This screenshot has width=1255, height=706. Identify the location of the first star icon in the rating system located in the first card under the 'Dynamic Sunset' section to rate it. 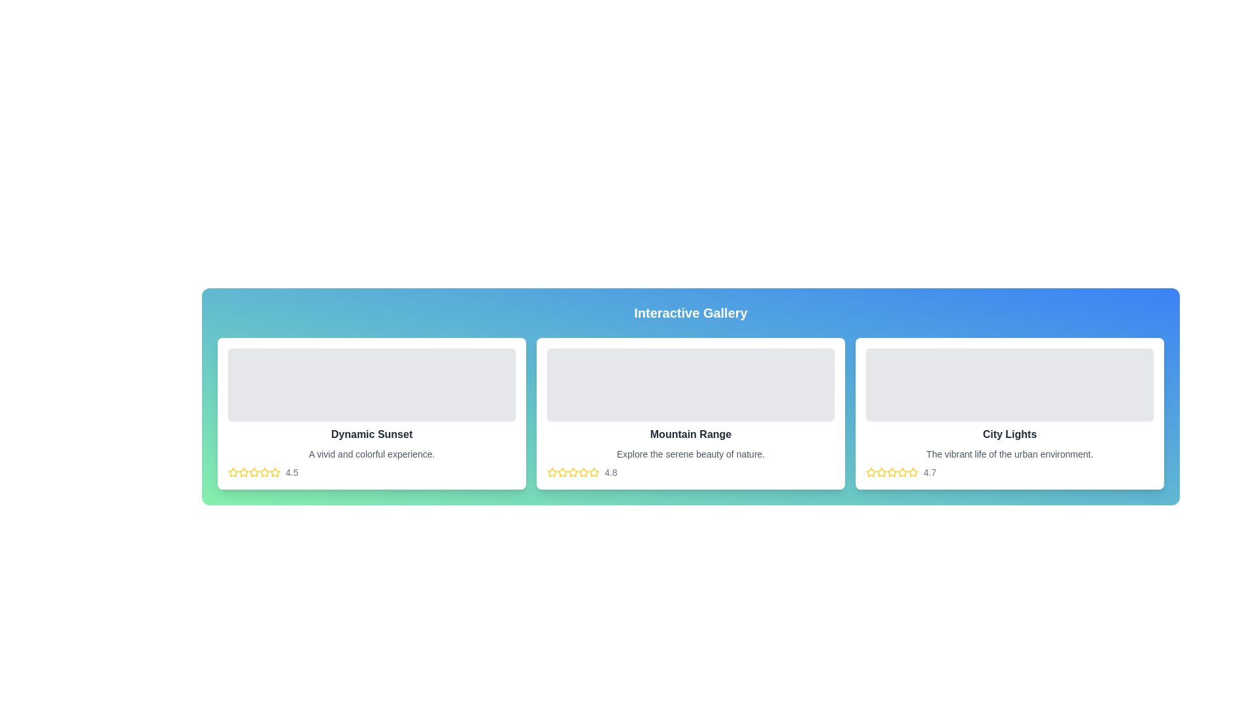
(233, 472).